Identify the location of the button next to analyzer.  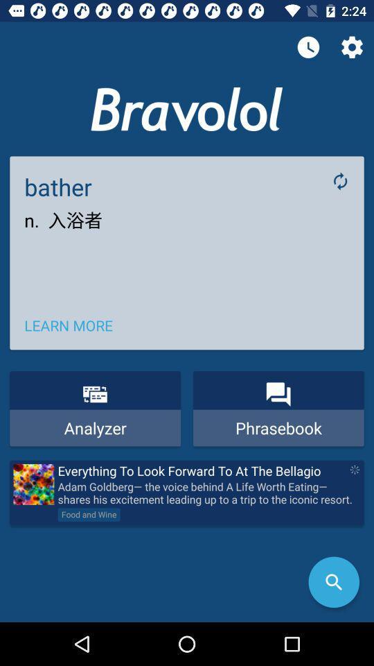
(278, 408).